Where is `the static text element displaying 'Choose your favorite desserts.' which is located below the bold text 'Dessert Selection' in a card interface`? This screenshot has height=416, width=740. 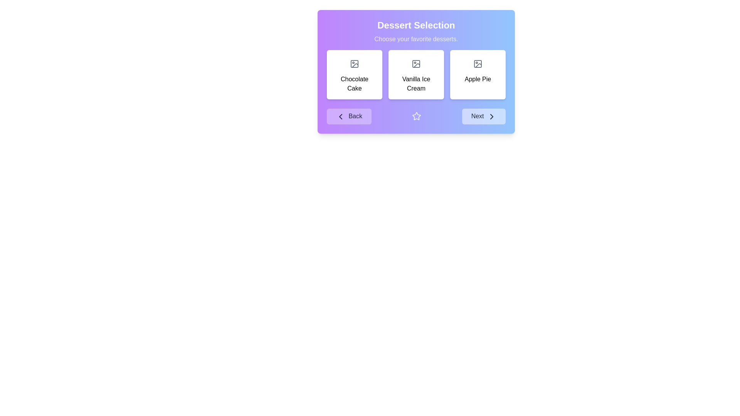 the static text element displaying 'Choose your favorite desserts.' which is located below the bold text 'Dessert Selection' in a card interface is located at coordinates (416, 39).